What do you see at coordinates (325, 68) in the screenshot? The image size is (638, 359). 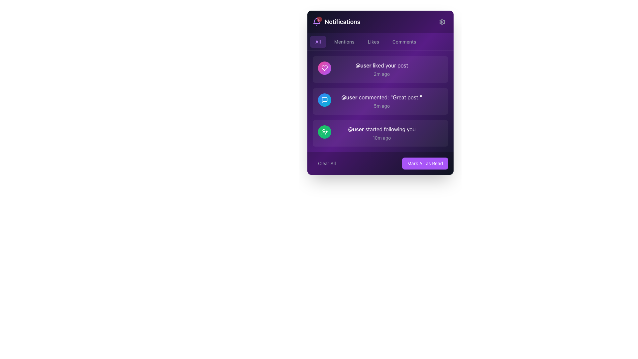 I see `the heart icon representing the 'like' action in the top notification item of the list, located below the tab bar` at bounding box center [325, 68].